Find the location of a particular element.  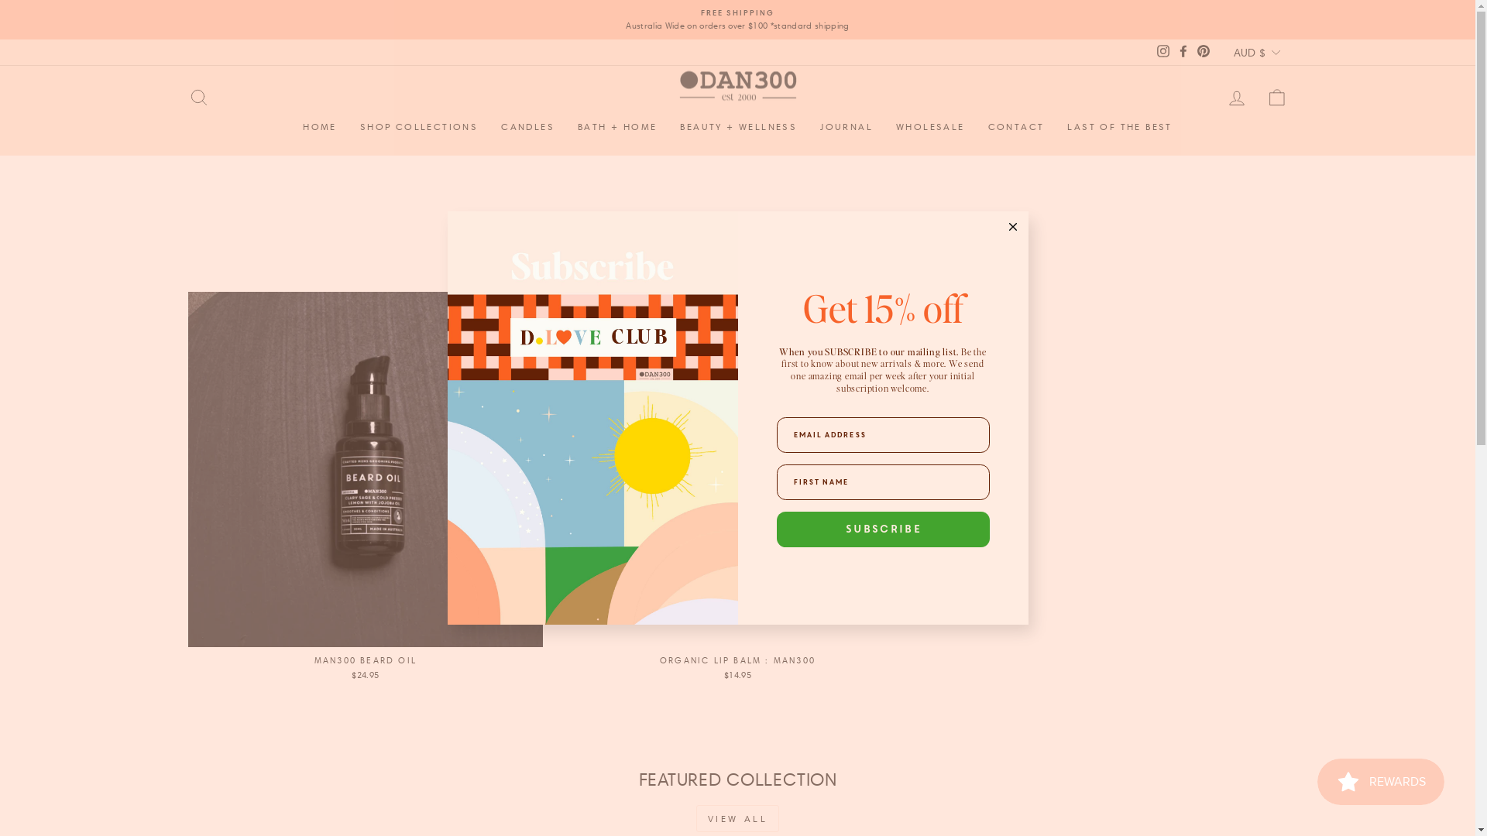

'LAST OF THE BEST' is located at coordinates (1119, 126).